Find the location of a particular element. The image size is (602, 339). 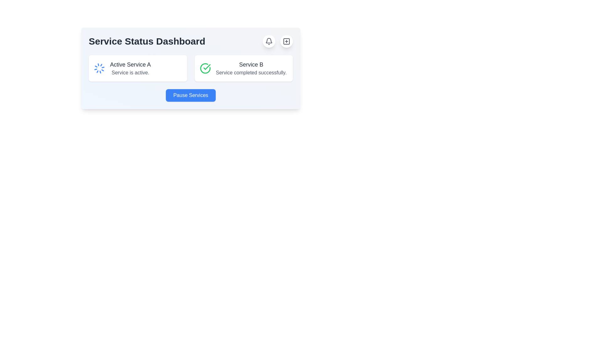

or highlight the text element indicating that 'Service A' is currently active, which is positioned at the upper-left corner of the card, to the right of a loading icon is located at coordinates (130, 64).